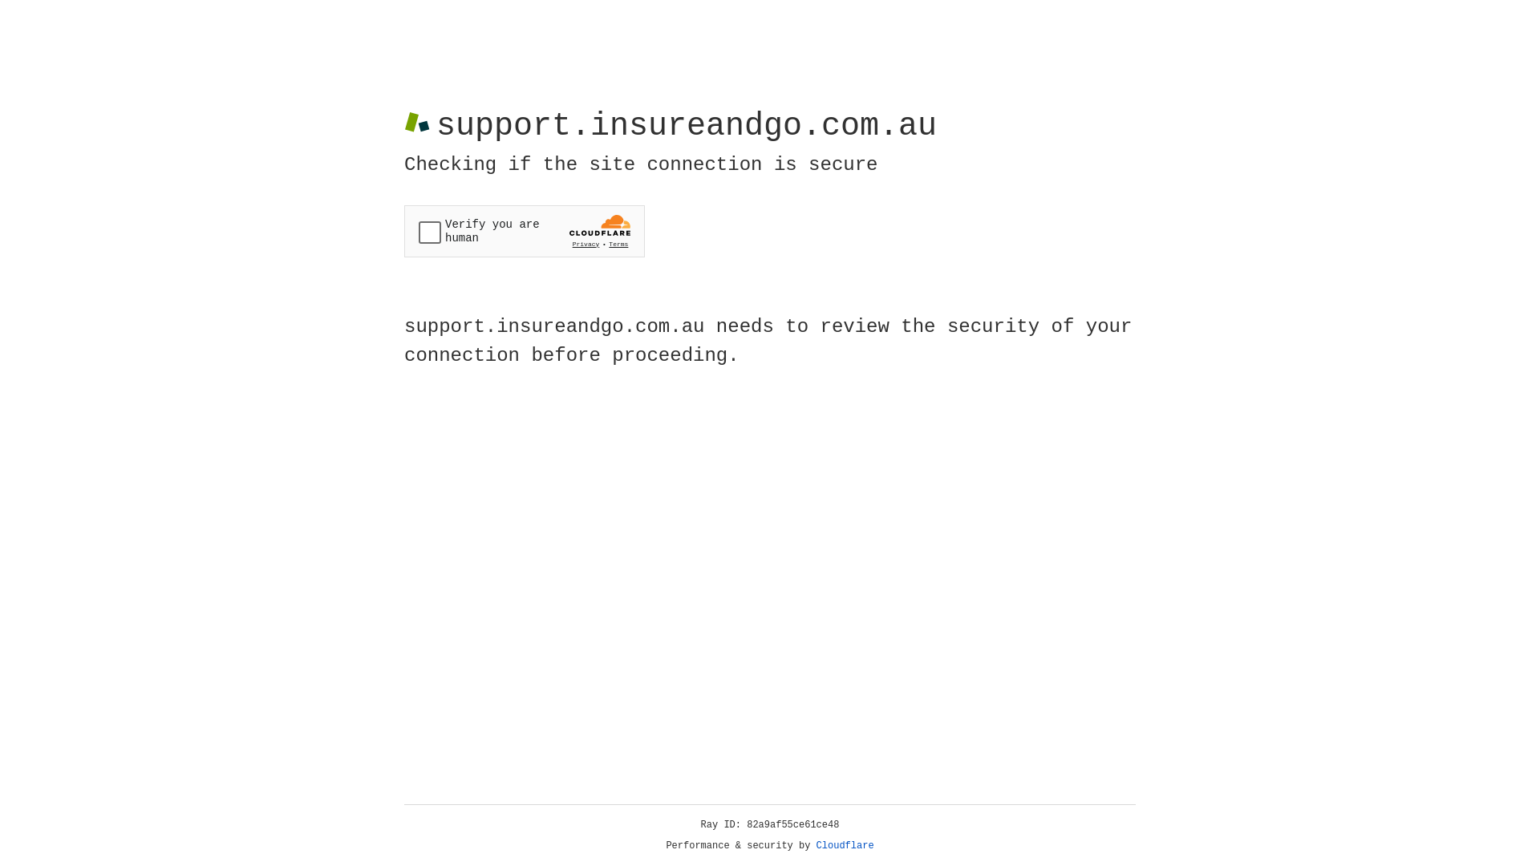 This screenshot has height=866, width=1540. What do you see at coordinates (524, 231) in the screenshot?
I see `'Widget containing a Cloudflare security challenge'` at bounding box center [524, 231].